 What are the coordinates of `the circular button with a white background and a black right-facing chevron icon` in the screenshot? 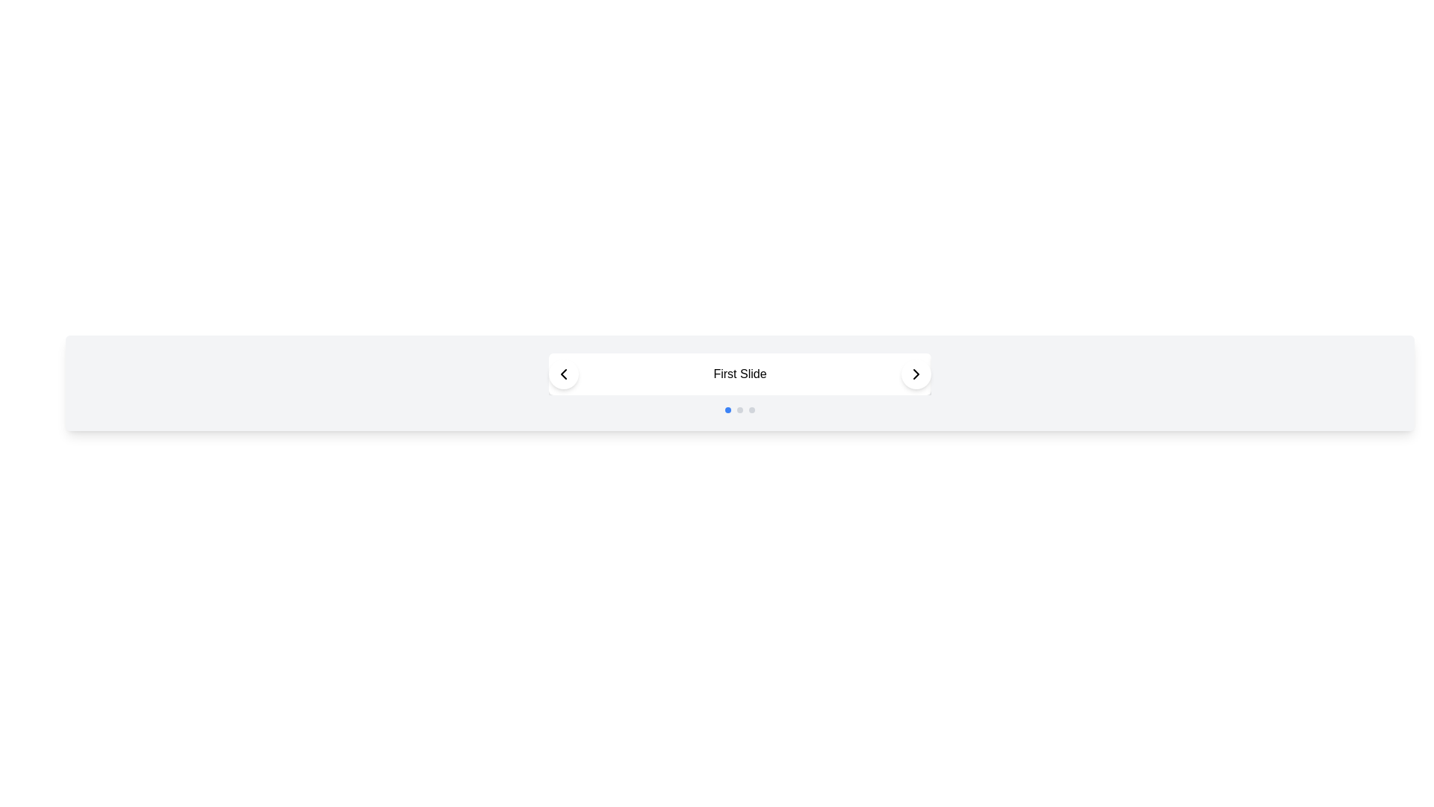 It's located at (916, 374).